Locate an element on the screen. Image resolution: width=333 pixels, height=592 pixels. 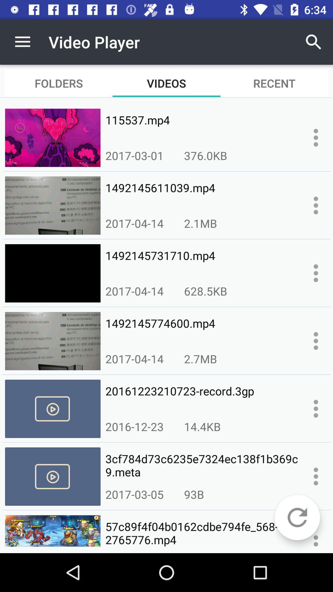
the 93b item is located at coordinates (194, 494).